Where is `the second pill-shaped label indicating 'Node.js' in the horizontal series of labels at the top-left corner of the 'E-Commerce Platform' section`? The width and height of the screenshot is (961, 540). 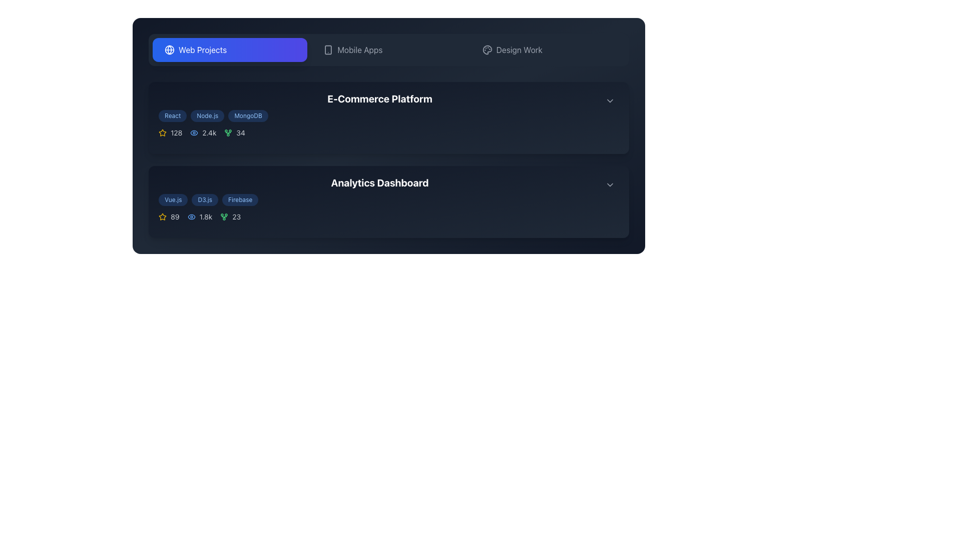
the second pill-shaped label indicating 'Node.js' in the horizontal series of labels at the top-left corner of the 'E-Commerce Platform' section is located at coordinates (207, 115).